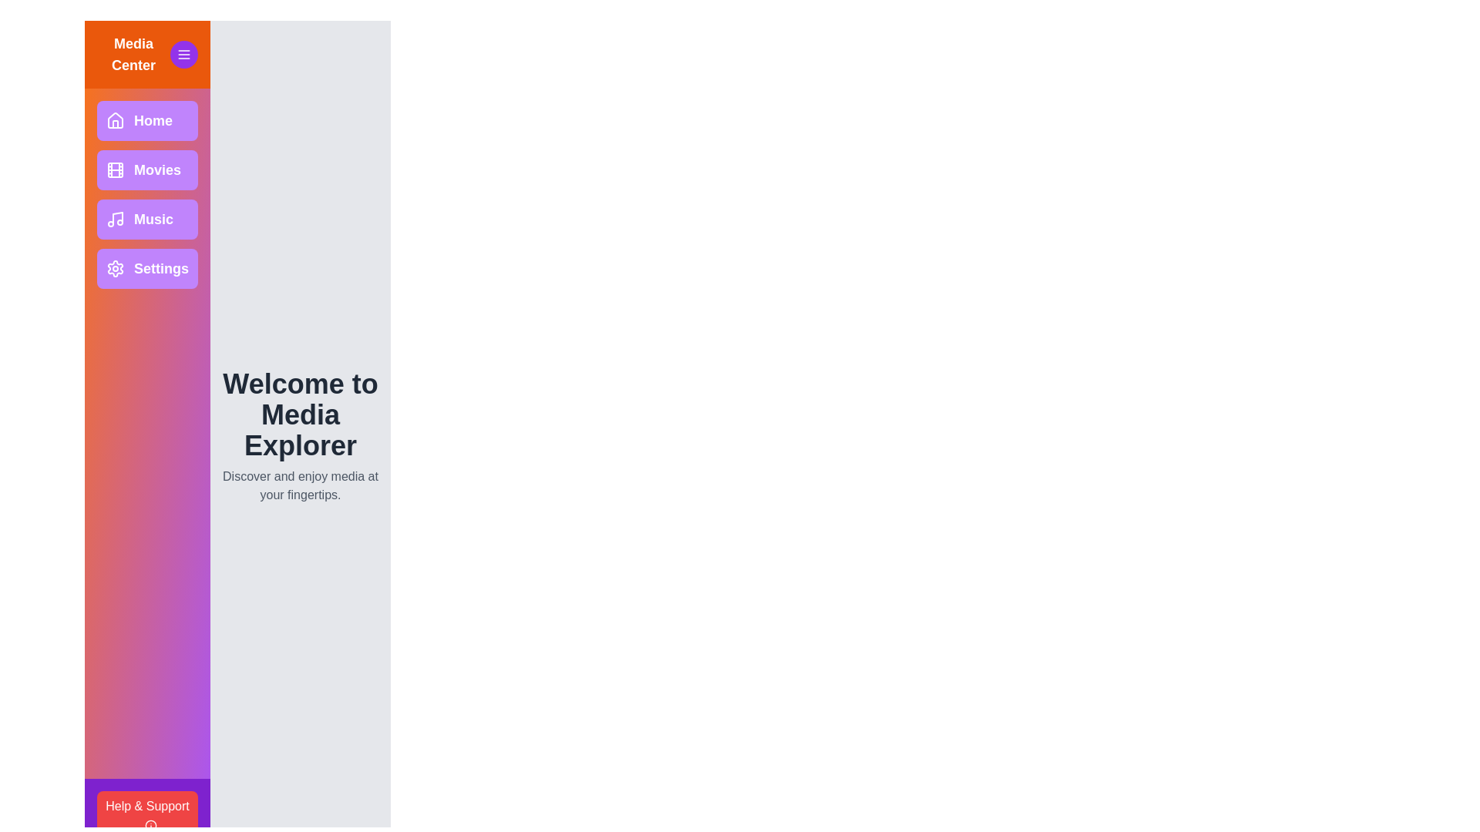 The height and width of the screenshot is (832, 1480). Describe the element at coordinates (147, 120) in the screenshot. I see `the Home button to navigate to the corresponding section` at that location.